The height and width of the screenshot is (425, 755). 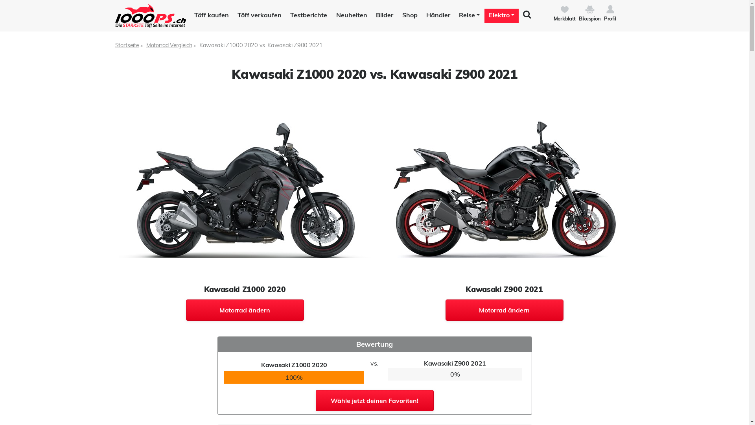 What do you see at coordinates (349, 15) in the screenshot?
I see `'Neuheiten'` at bounding box center [349, 15].